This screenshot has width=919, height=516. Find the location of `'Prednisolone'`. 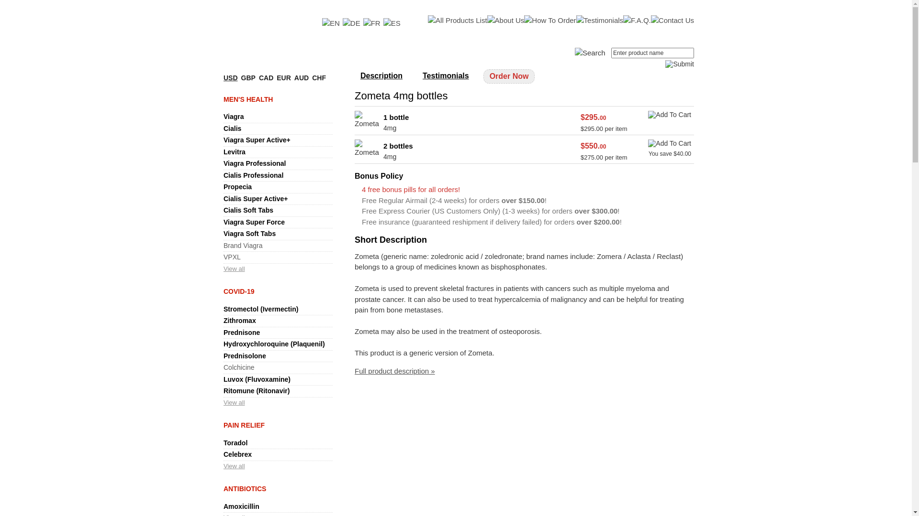

'Prednisolone' is located at coordinates (223, 355).